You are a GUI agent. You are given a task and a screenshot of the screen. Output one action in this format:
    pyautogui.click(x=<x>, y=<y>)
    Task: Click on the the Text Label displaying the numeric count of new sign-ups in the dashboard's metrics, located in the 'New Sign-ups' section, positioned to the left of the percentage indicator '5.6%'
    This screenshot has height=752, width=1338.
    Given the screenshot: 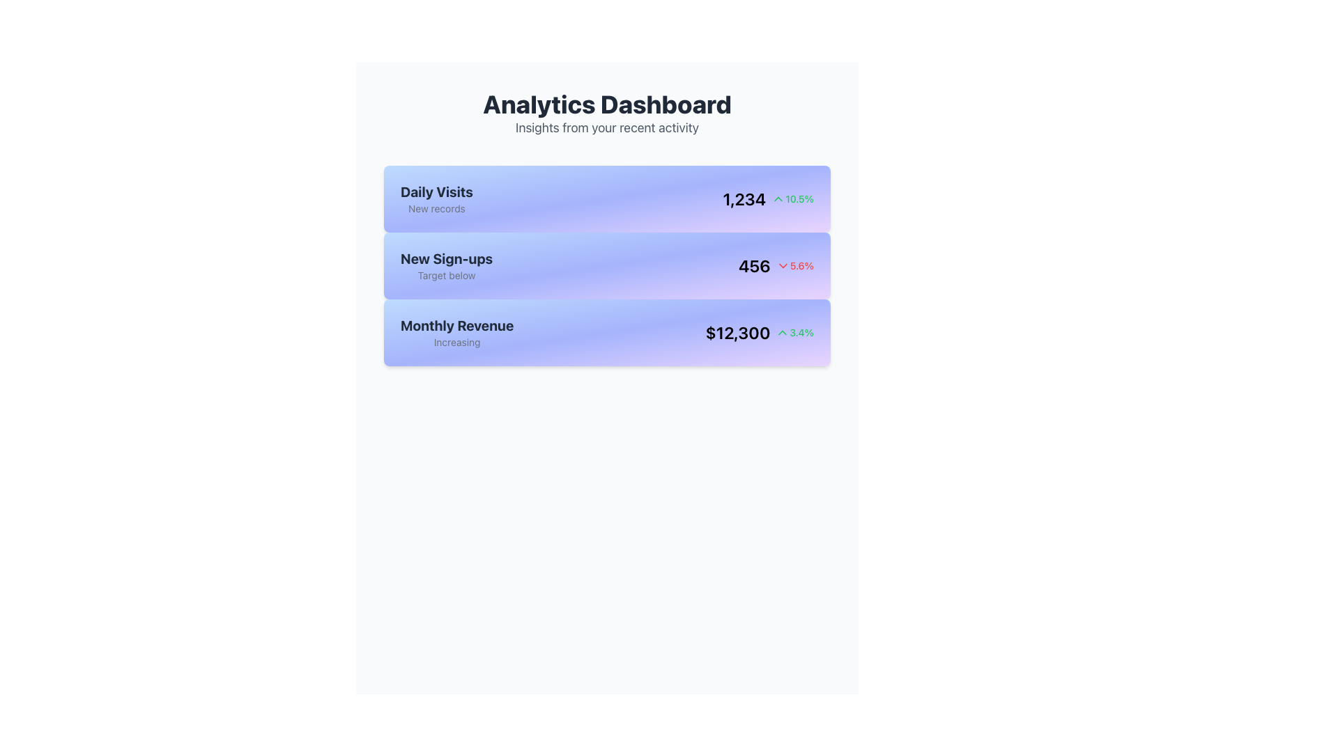 What is the action you would take?
    pyautogui.click(x=753, y=265)
    